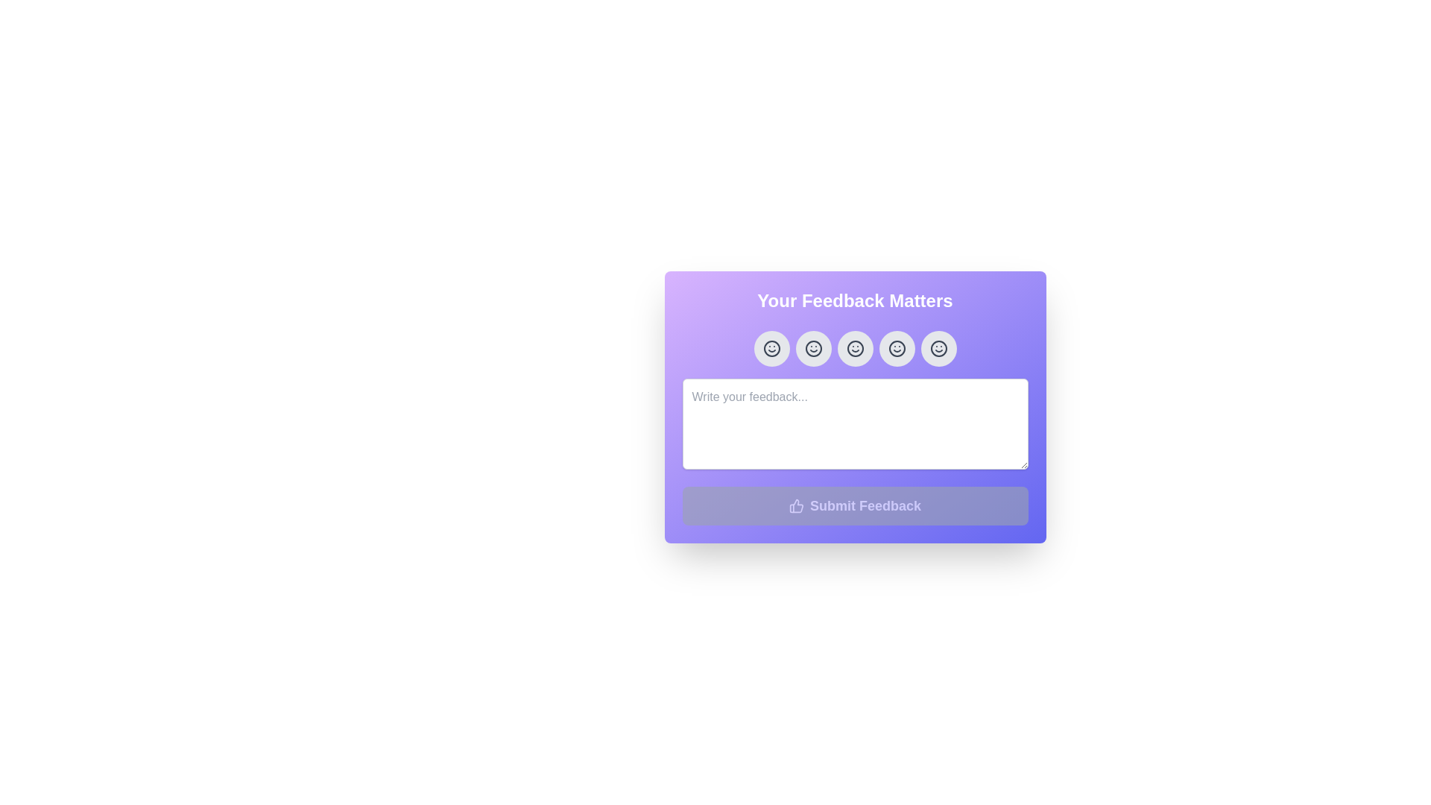 Image resolution: width=1431 pixels, height=805 pixels. I want to click on the circular button with a light gray background and a black outlined smiling face icon, so click(896, 348).